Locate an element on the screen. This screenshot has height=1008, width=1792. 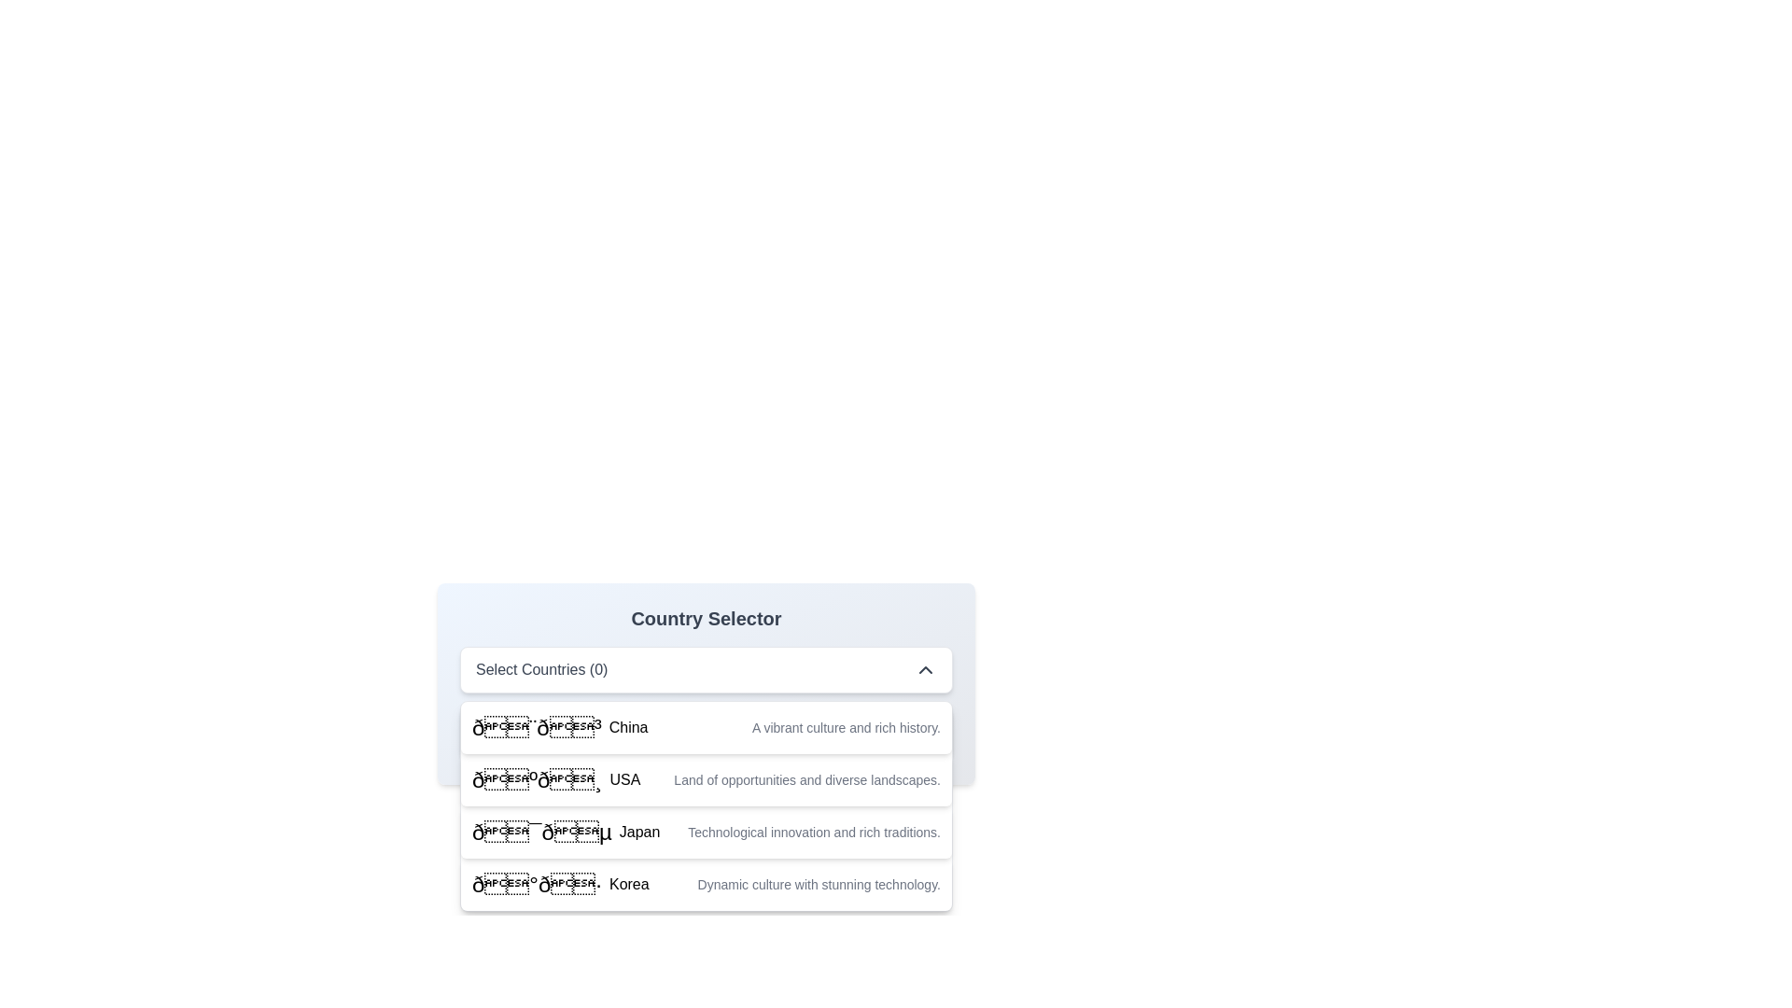
the list item containing the emoji flag of China and the text 'China' is located at coordinates (559, 726).